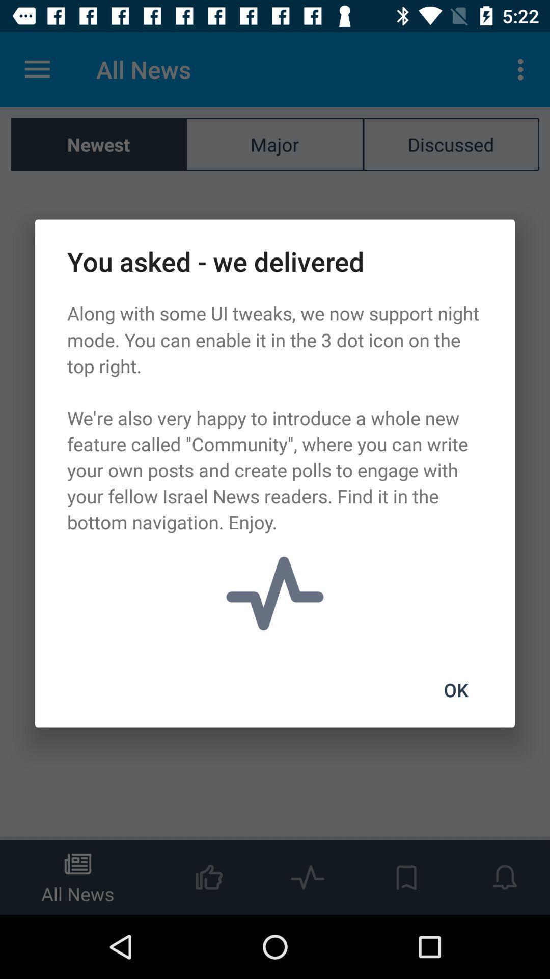  What do you see at coordinates (455, 690) in the screenshot?
I see `ok icon` at bounding box center [455, 690].